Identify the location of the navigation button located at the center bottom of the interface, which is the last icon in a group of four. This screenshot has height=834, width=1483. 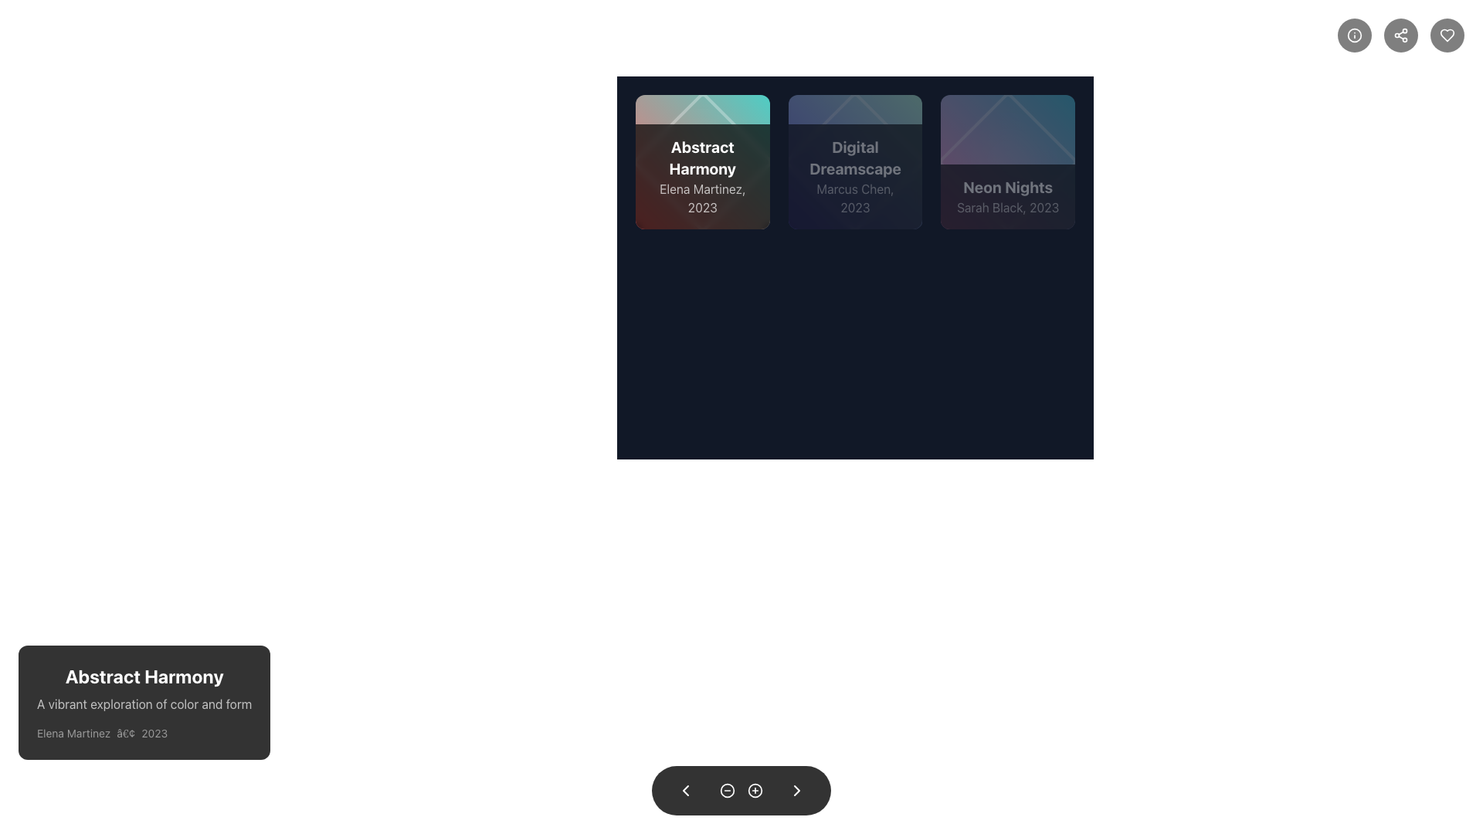
(797, 790).